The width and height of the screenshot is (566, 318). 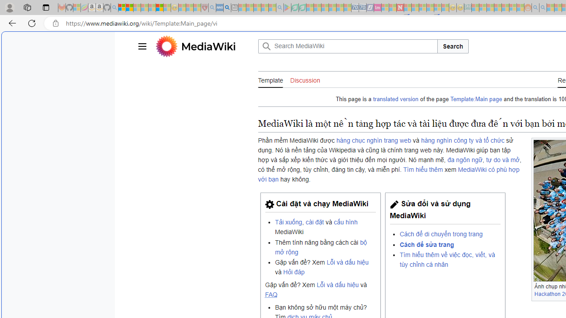 What do you see at coordinates (347, 46) in the screenshot?
I see `'Search MediaWiki'` at bounding box center [347, 46].